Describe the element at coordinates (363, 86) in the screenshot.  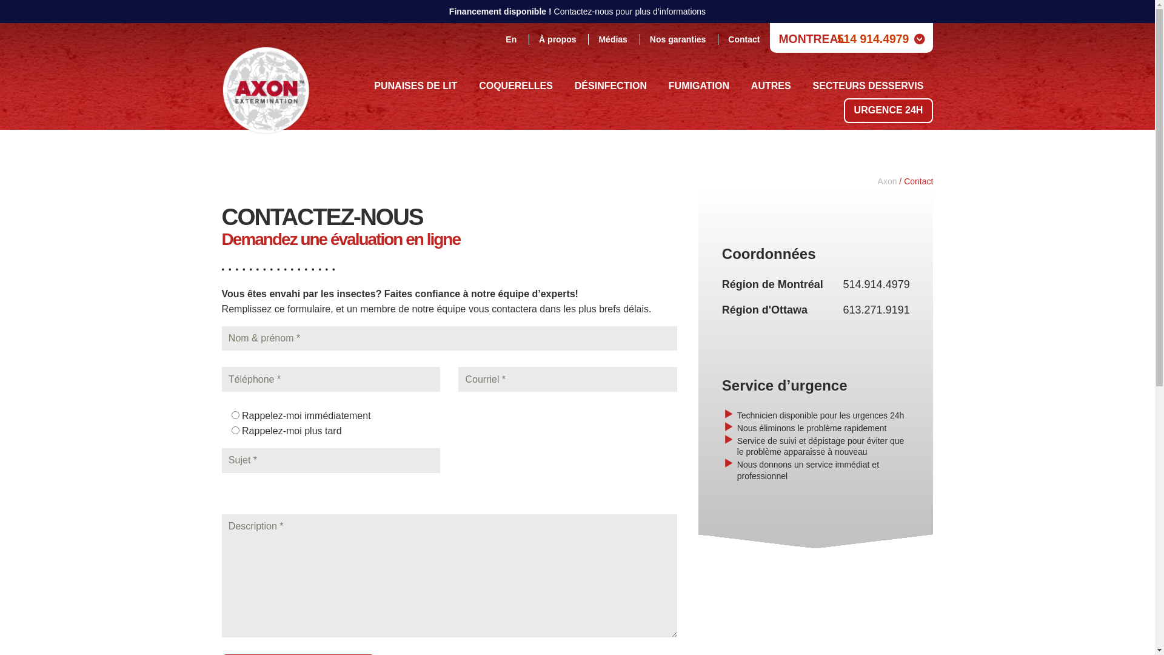
I see `'PUNAISES DE LIT'` at that location.